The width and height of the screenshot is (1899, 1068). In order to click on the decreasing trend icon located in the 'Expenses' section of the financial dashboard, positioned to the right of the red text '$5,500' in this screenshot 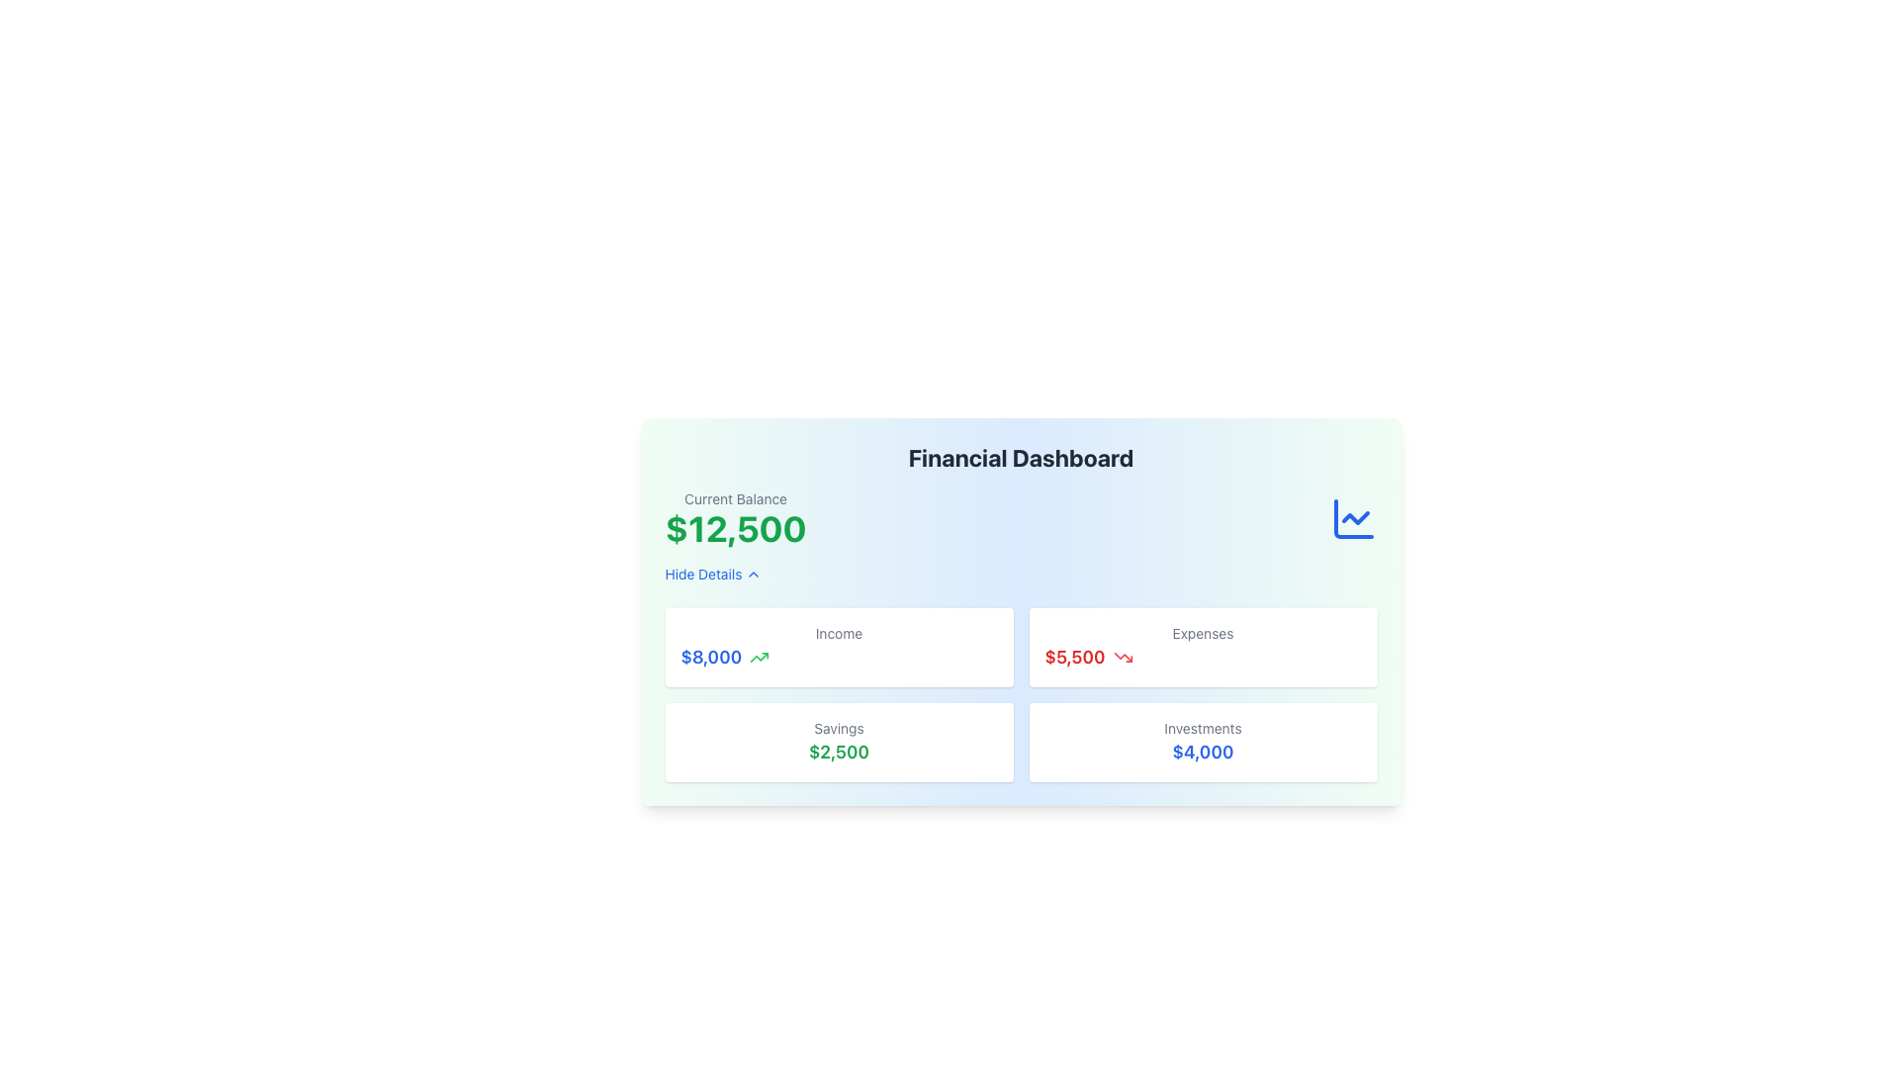, I will do `click(1123, 657)`.